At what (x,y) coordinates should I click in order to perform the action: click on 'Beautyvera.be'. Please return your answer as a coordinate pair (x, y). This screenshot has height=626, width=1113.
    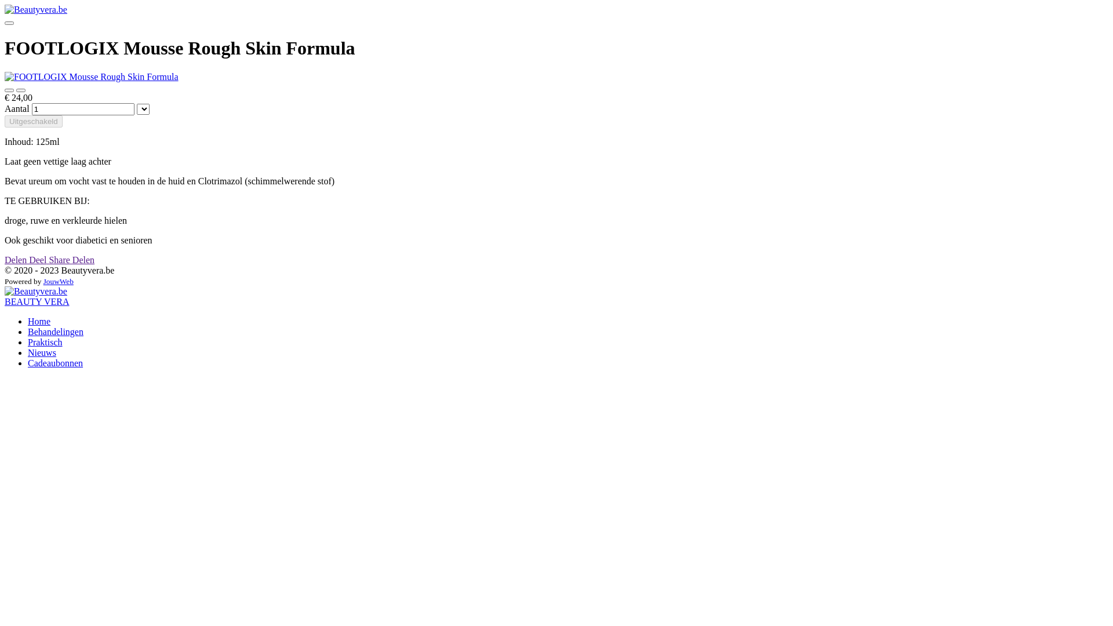
    Looking at the image, I should click on (36, 290).